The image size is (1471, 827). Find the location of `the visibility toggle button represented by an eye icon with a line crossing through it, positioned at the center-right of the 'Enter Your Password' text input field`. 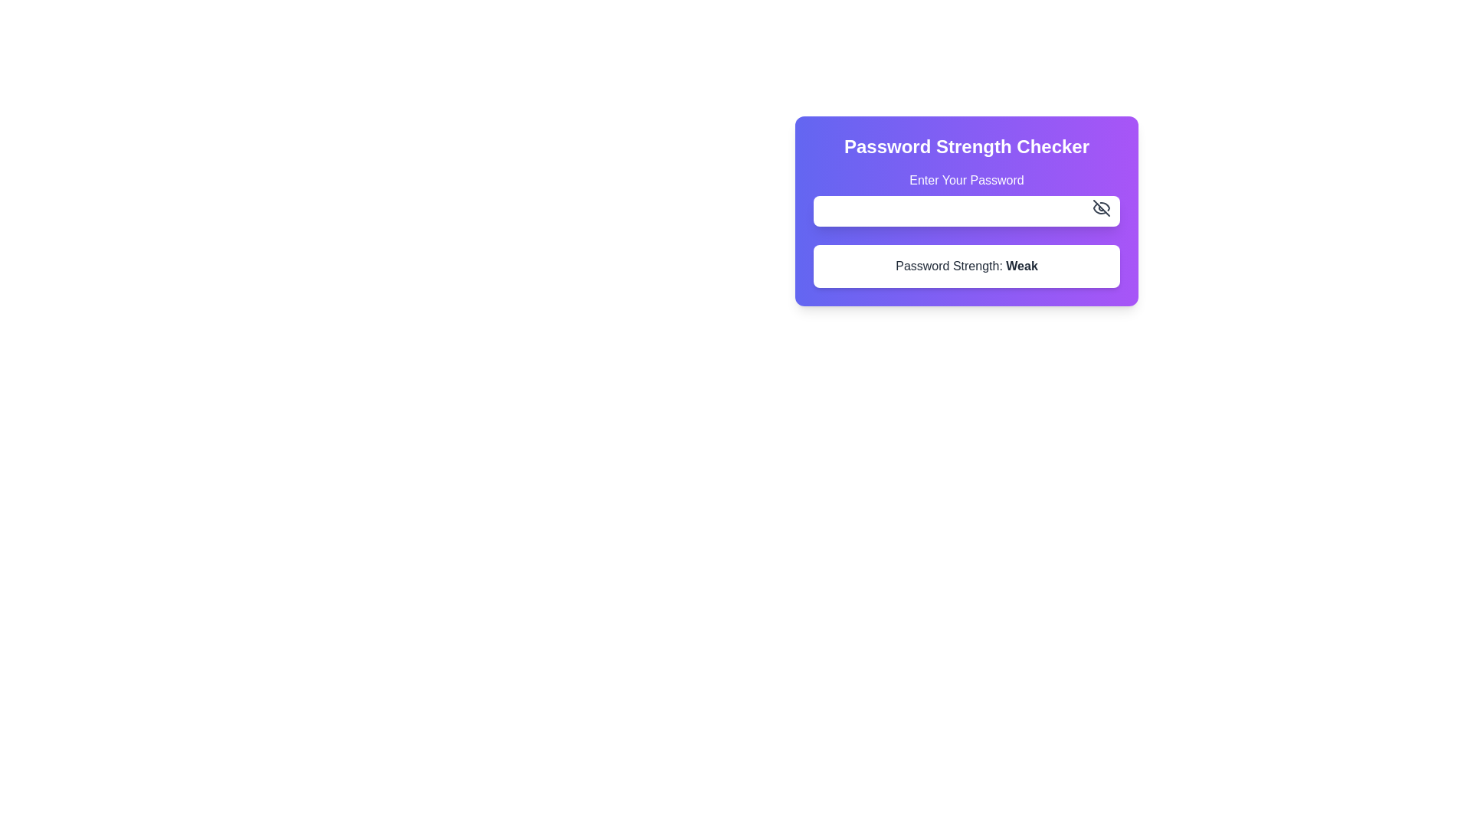

the visibility toggle button represented by an eye icon with a line crossing through it, positioned at the center-right of the 'Enter Your Password' text input field is located at coordinates (1099, 208).